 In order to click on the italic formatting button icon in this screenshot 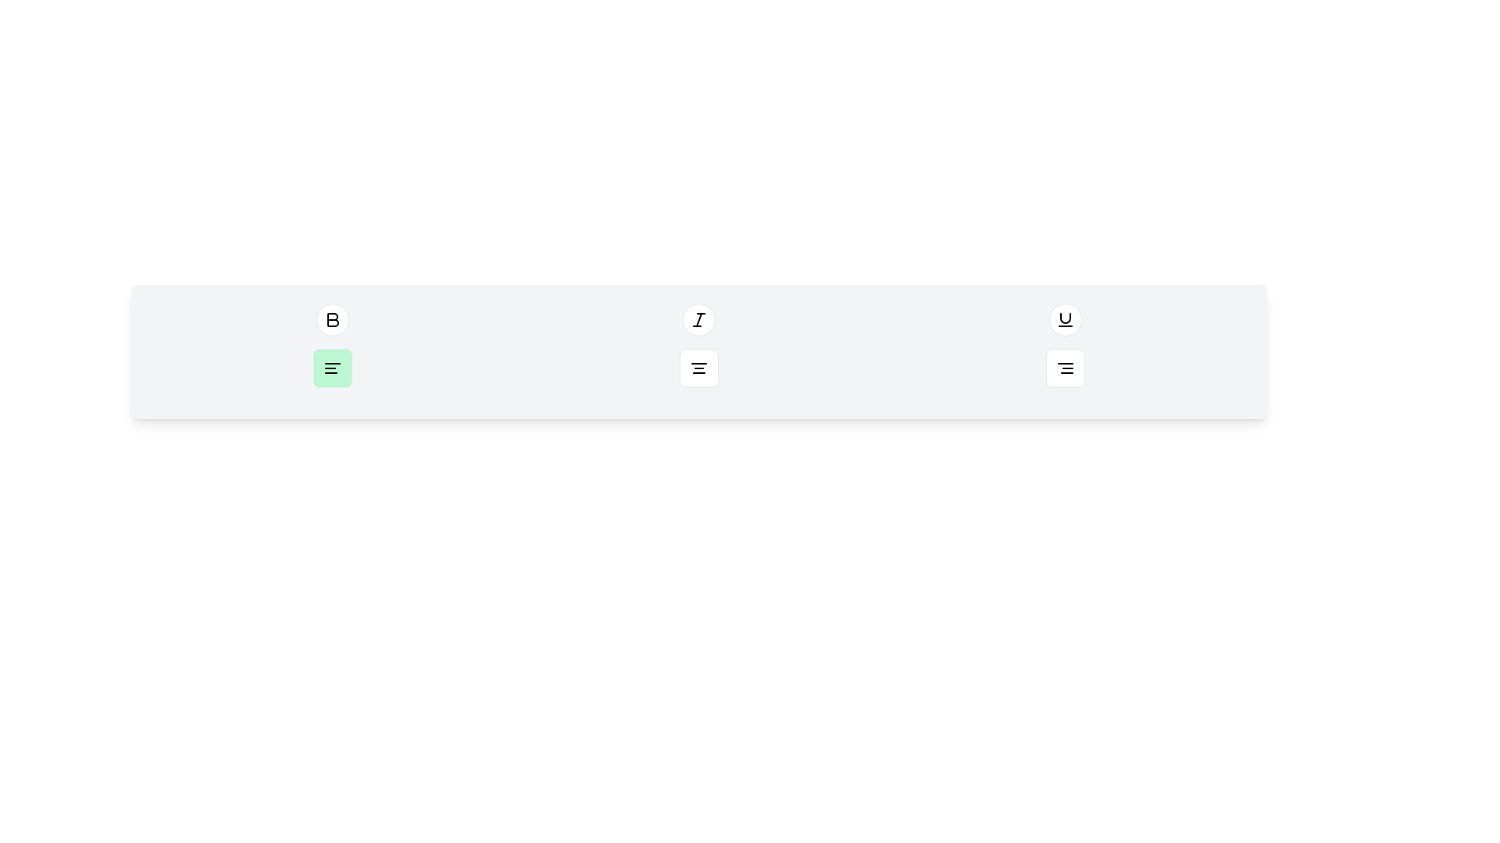, I will do `click(698, 318)`.